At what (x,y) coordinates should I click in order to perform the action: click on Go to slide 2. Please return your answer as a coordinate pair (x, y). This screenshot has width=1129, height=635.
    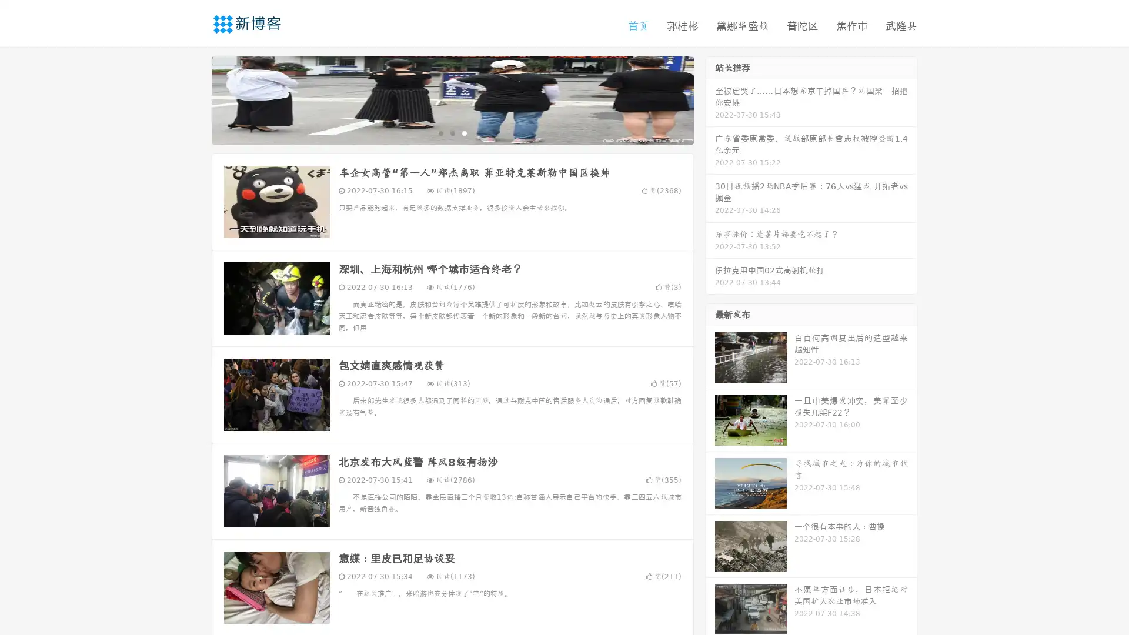
    Looking at the image, I should click on (452, 132).